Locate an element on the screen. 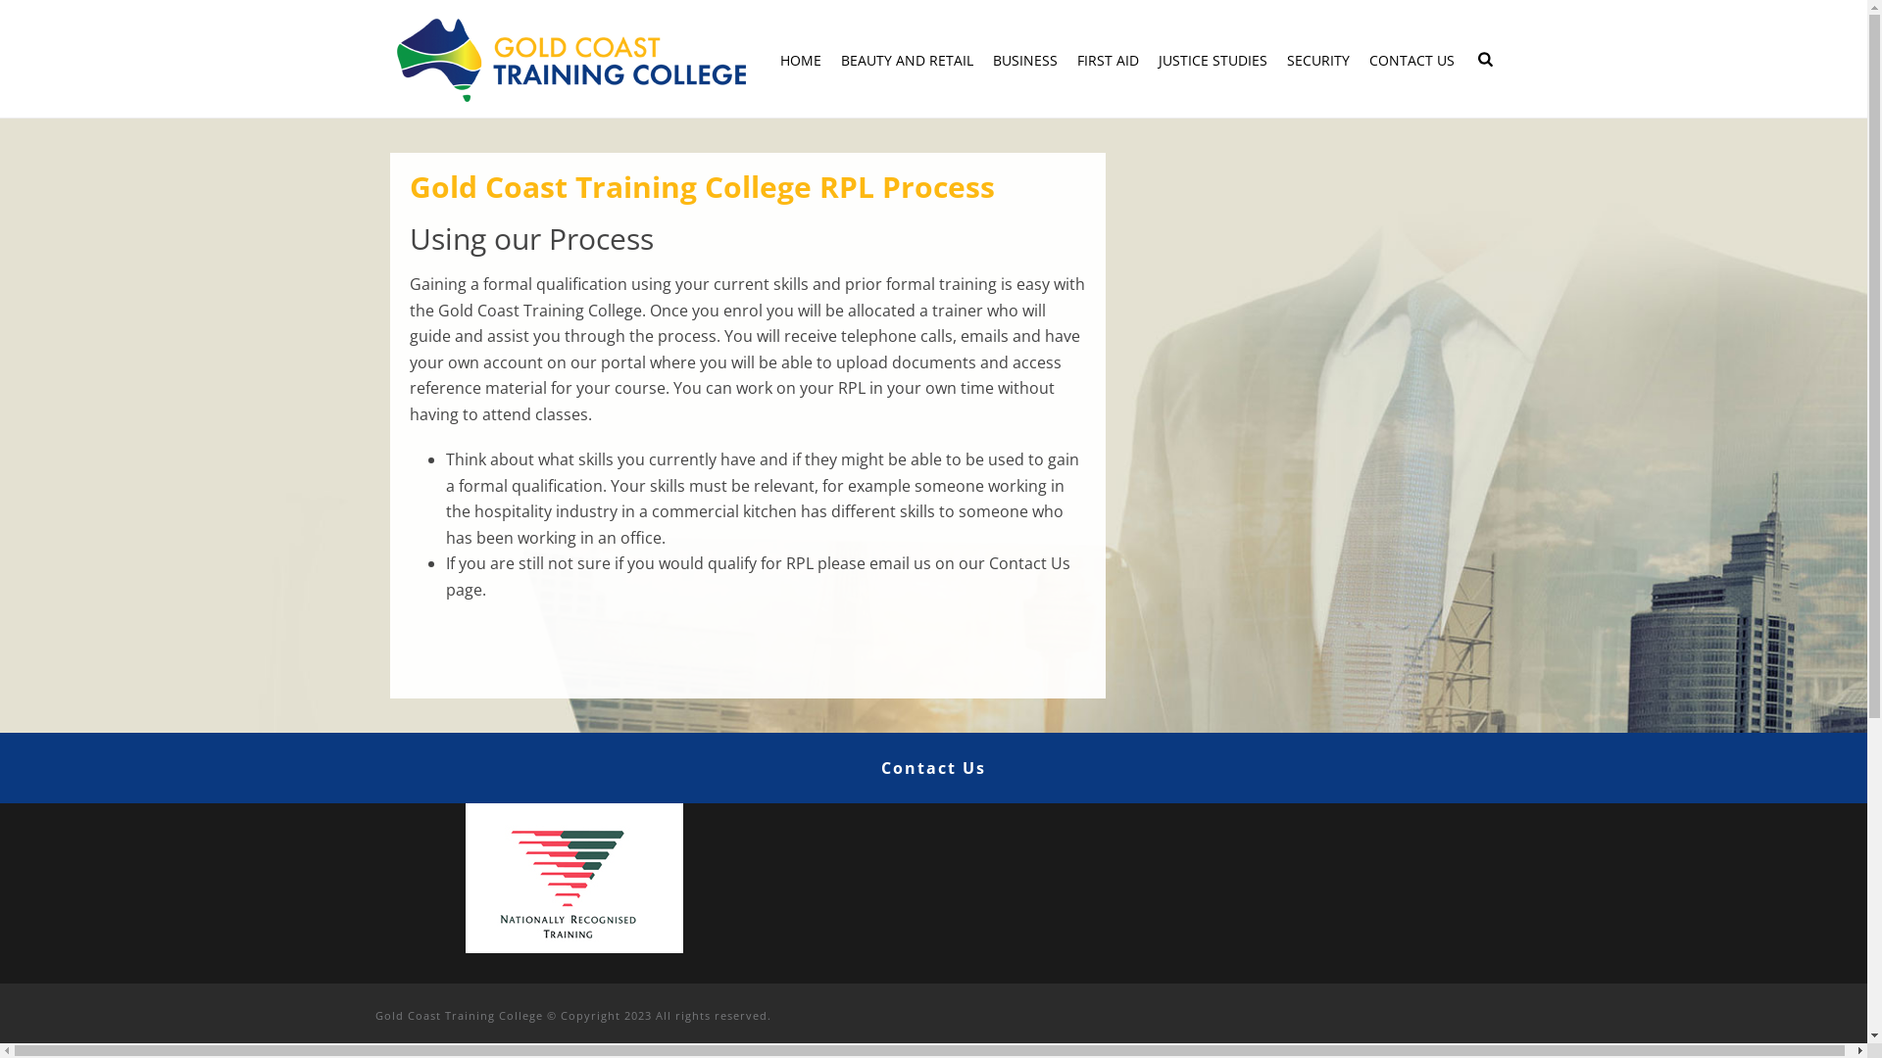 This screenshot has height=1058, width=1882. 'BUSINESS' is located at coordinates (1024, 59).